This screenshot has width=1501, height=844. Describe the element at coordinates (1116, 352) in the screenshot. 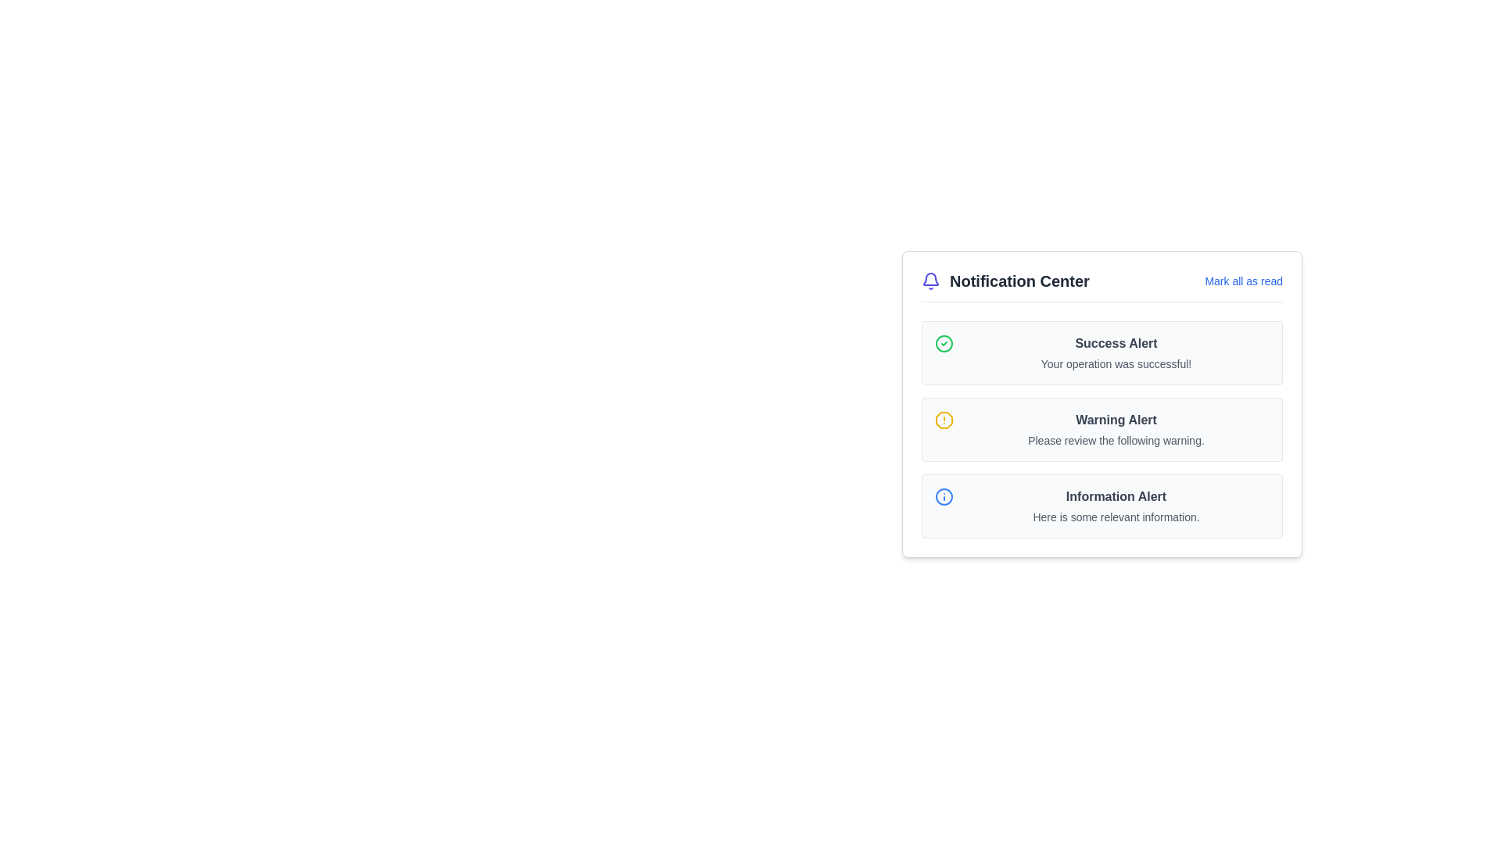

I see `message from the Informational display card which shows 'Success Alert' in bold dark gray and 'Your operation was successful!' in lighter text` at that location.